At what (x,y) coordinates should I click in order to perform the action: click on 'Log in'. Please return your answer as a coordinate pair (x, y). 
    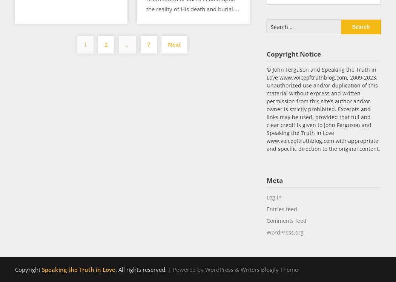
    Looking at the image, I should click on (266, 197).